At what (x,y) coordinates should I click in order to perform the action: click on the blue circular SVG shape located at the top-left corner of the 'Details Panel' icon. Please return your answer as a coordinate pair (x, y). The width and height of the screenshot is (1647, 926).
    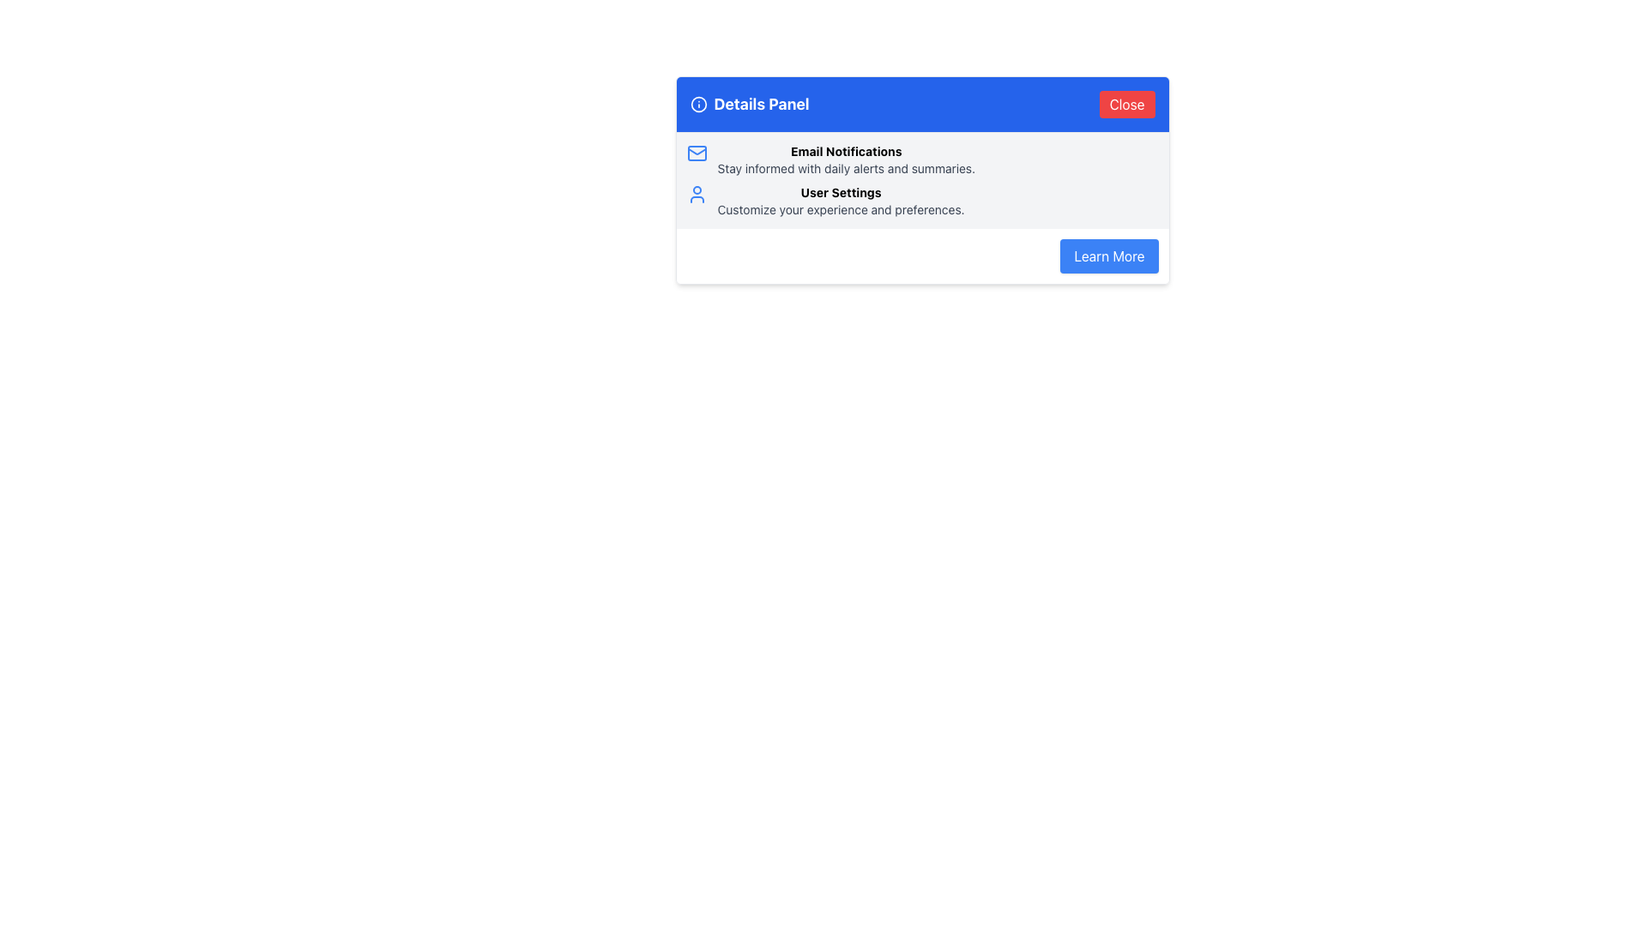
    Looking at the image, I should click on (698, 105).